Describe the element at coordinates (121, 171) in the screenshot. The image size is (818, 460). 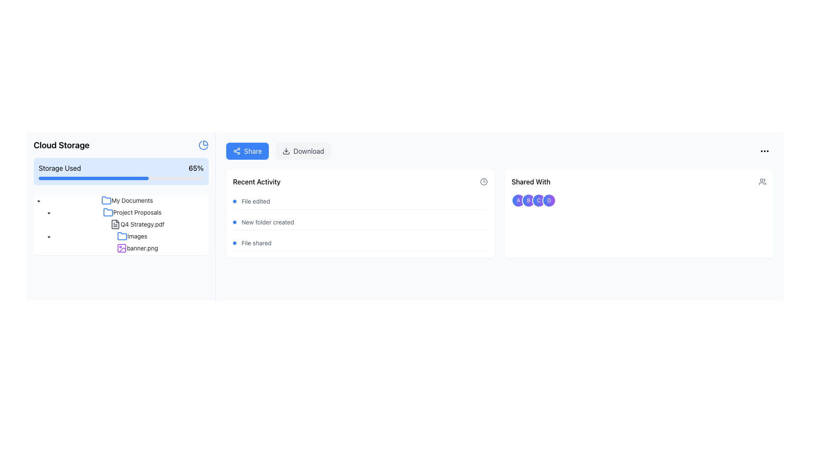
I see `storage information from the progress indicator located below the title 'Cloud Storage', which displays 'Storage Used' and '65%' with a blue progress bar` at that location.